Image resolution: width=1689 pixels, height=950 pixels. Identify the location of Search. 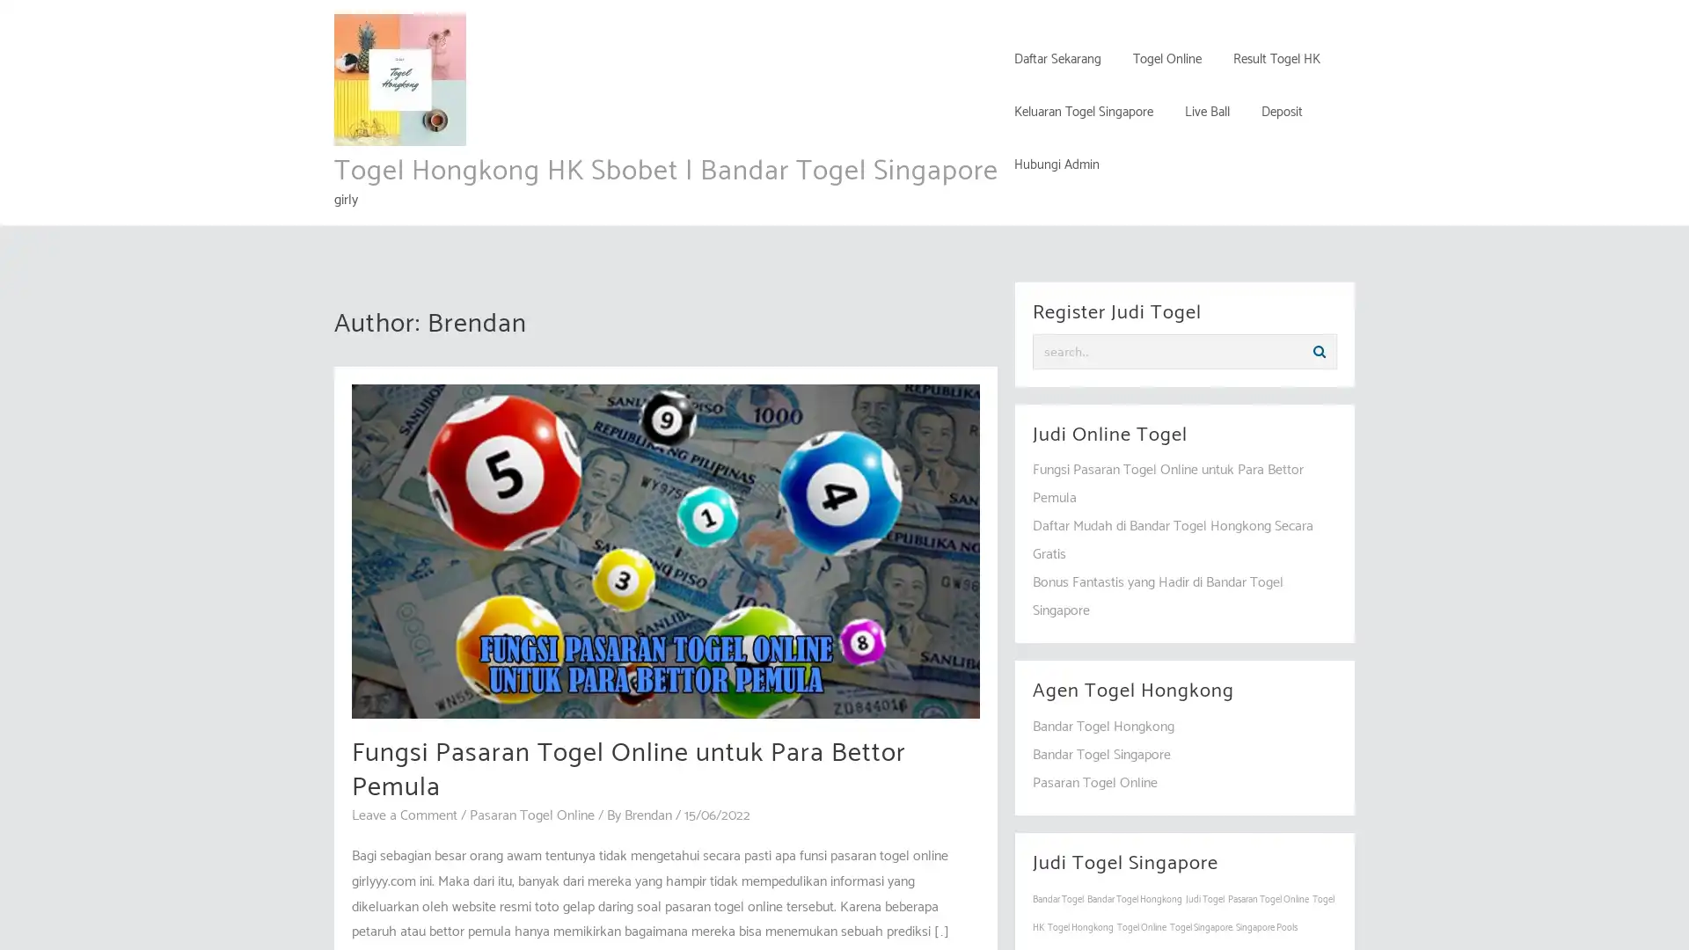
(1319, 352).